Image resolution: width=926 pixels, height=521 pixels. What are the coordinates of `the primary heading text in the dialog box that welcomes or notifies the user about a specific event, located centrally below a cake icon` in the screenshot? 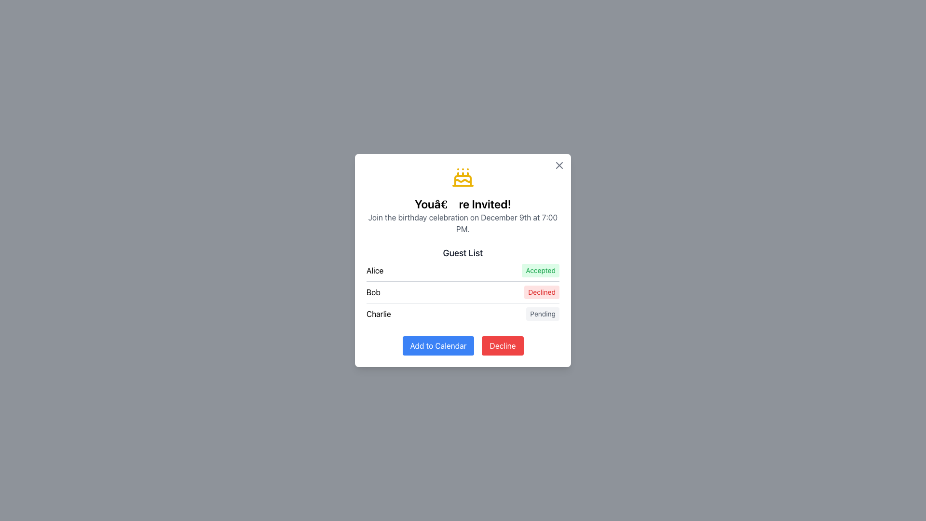 It's located at (463, 204).